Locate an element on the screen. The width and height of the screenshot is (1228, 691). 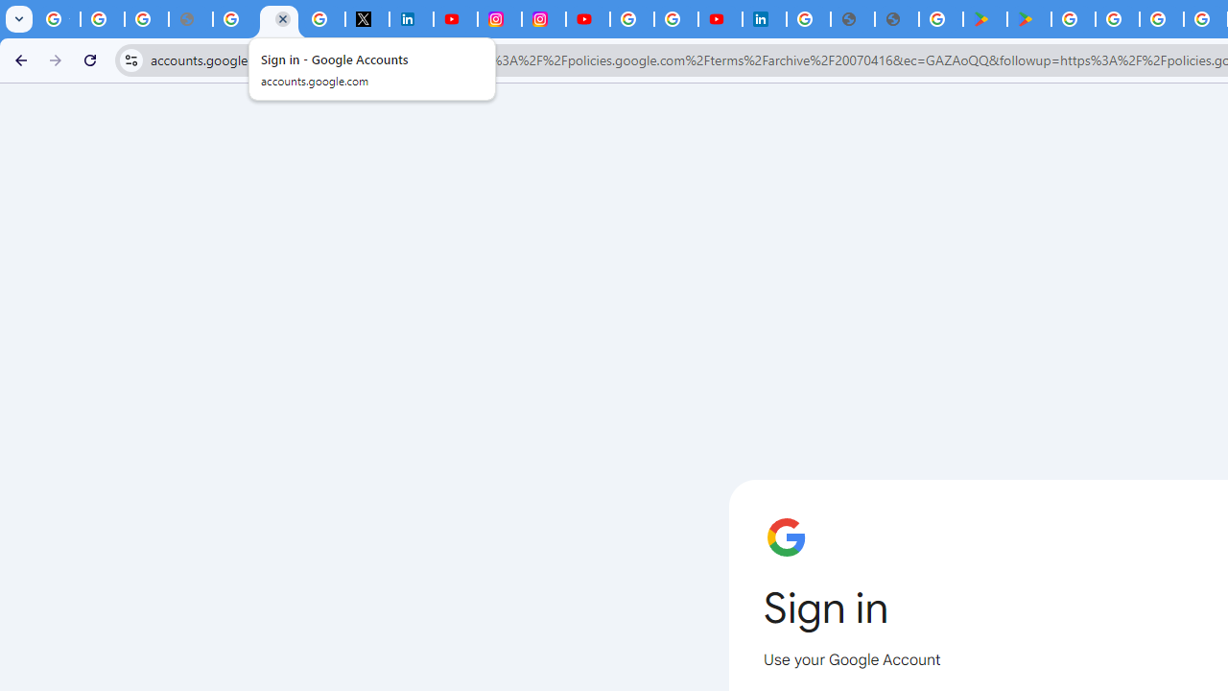
'google_privacy_policy_en.pdf' is located at coordinates (852, 19).